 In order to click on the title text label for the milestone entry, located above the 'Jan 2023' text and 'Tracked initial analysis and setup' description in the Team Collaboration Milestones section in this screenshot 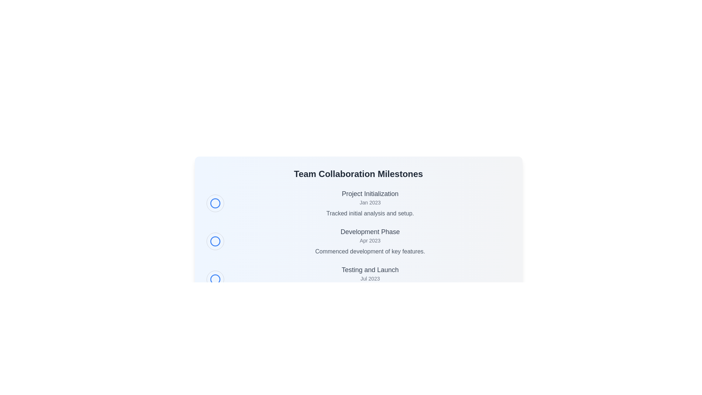, I will do `click(370, 193)`.